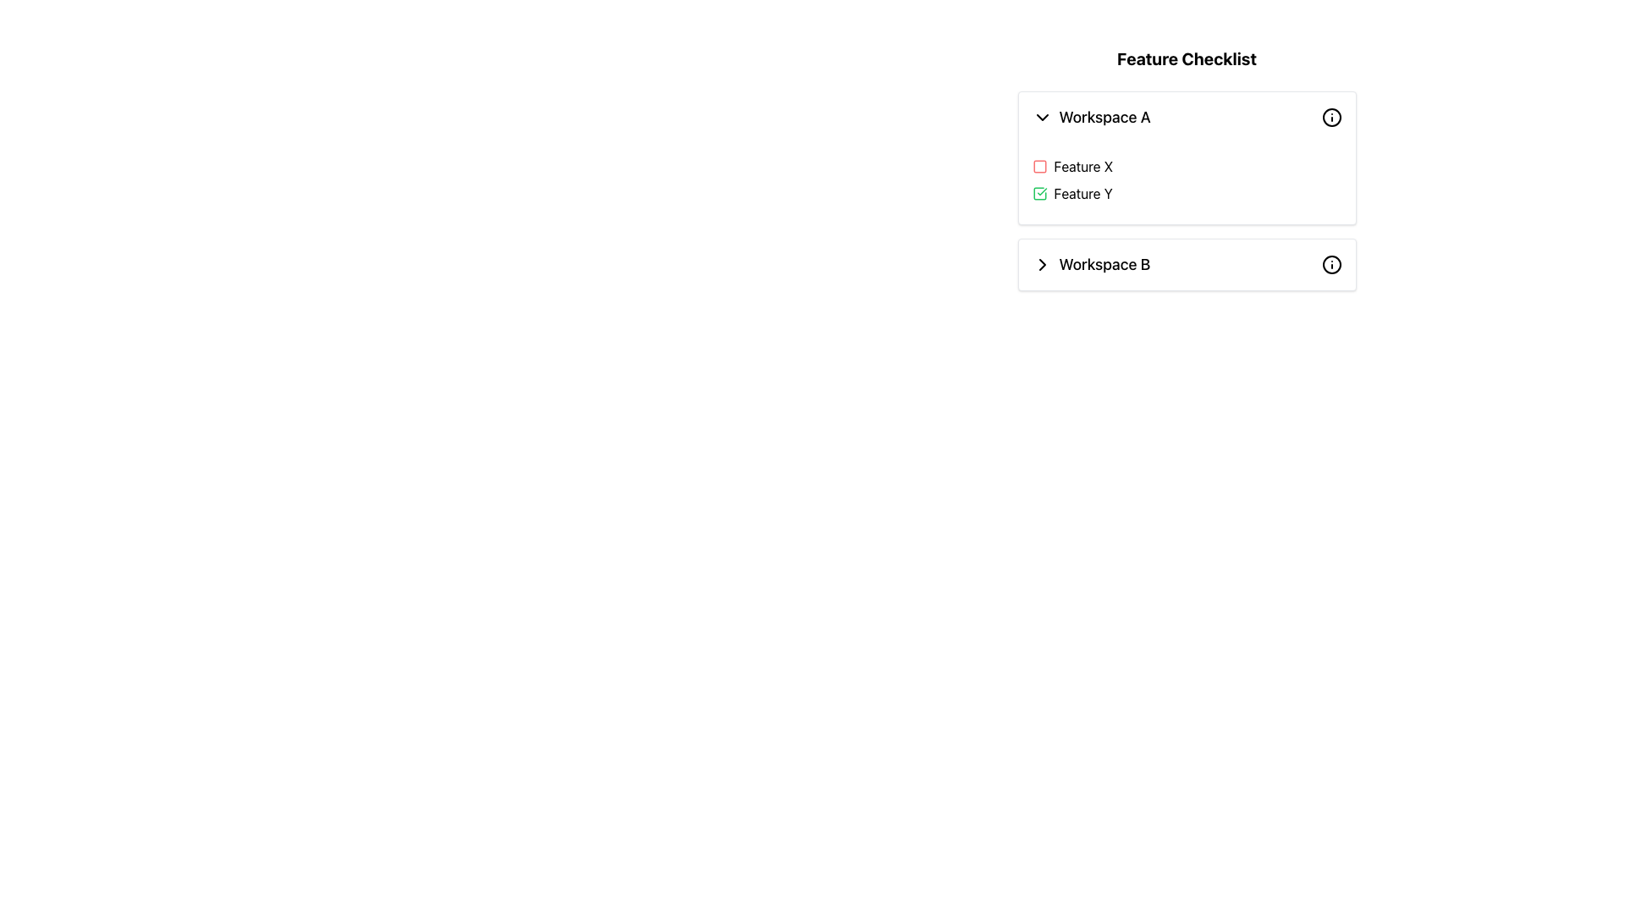 The height and width of the screenshot is (914, 1625). Describe the element at coordinates (1186, 192) in the screenshot. I see `the second checkable list item labeled 'Feature Y'` at that location.